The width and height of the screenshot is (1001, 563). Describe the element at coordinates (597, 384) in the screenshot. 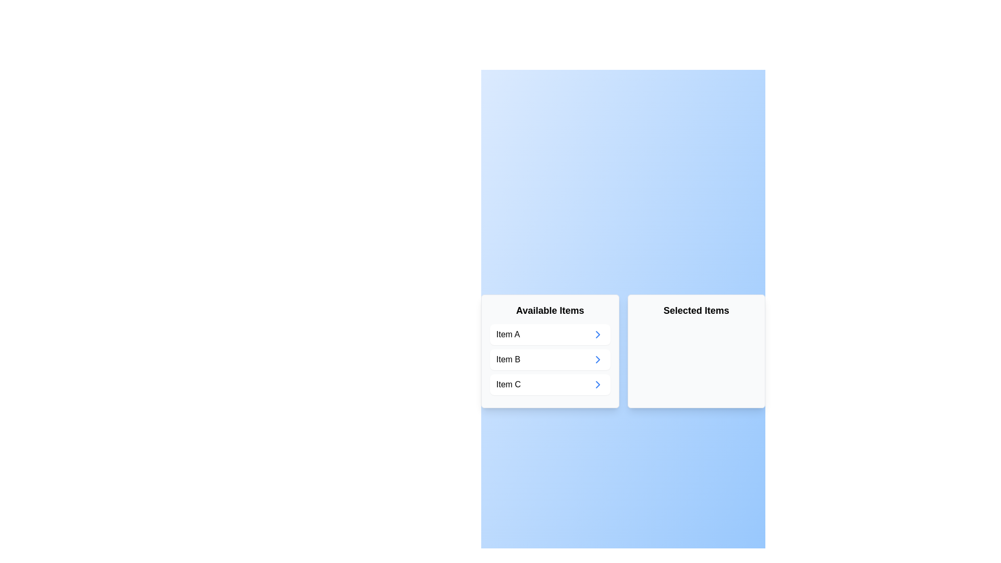

I see `arrow button associated with Item C to transfer it from 'Available Items' to 'Selected Items'` at that location.